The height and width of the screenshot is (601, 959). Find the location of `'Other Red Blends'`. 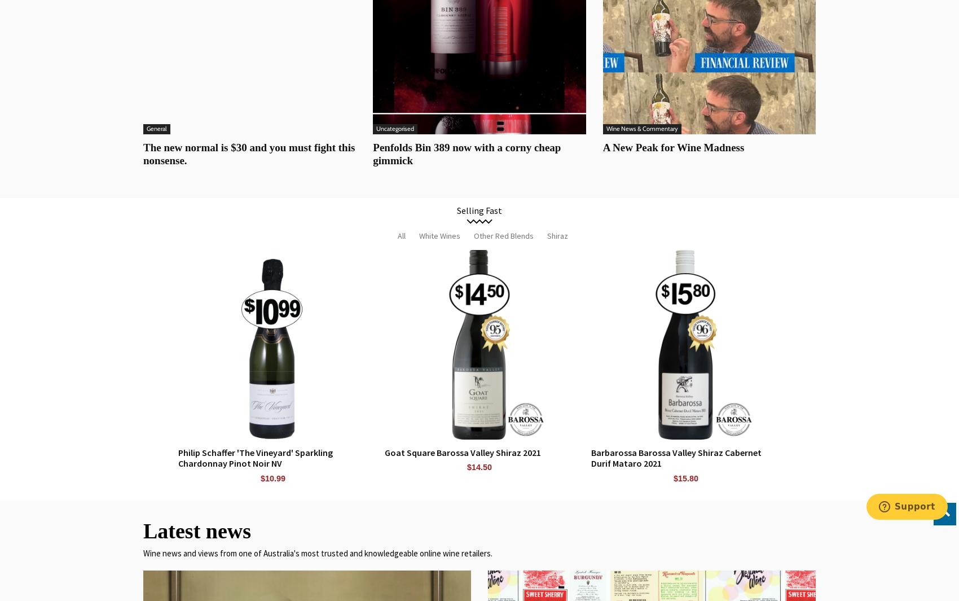

'Other Red Blends' is located at coordinates (504, 234).